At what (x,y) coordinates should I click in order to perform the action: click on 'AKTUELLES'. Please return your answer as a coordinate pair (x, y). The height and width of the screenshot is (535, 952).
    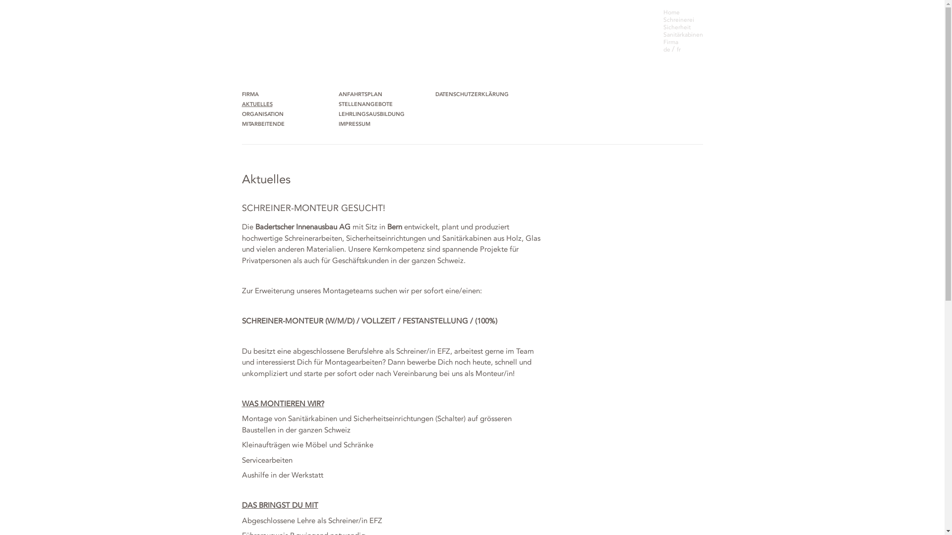
    Looking at the image, I should click on (257, 105).